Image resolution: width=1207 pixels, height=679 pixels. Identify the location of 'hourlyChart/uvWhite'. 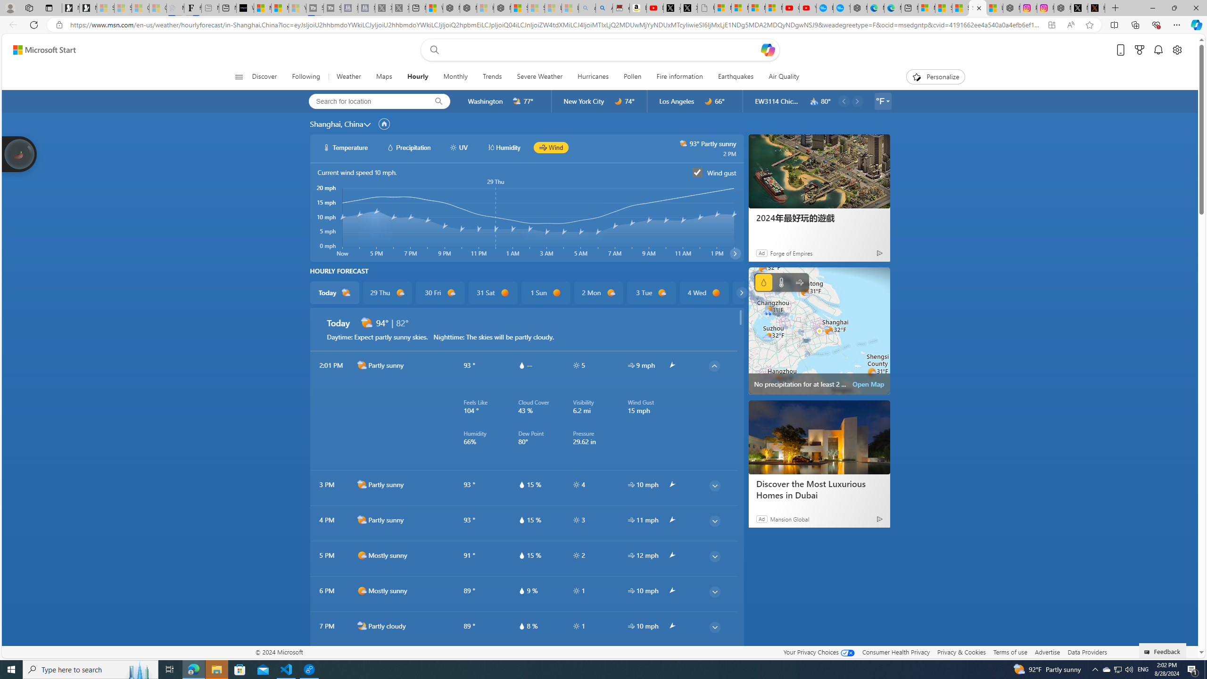
(453, 147).